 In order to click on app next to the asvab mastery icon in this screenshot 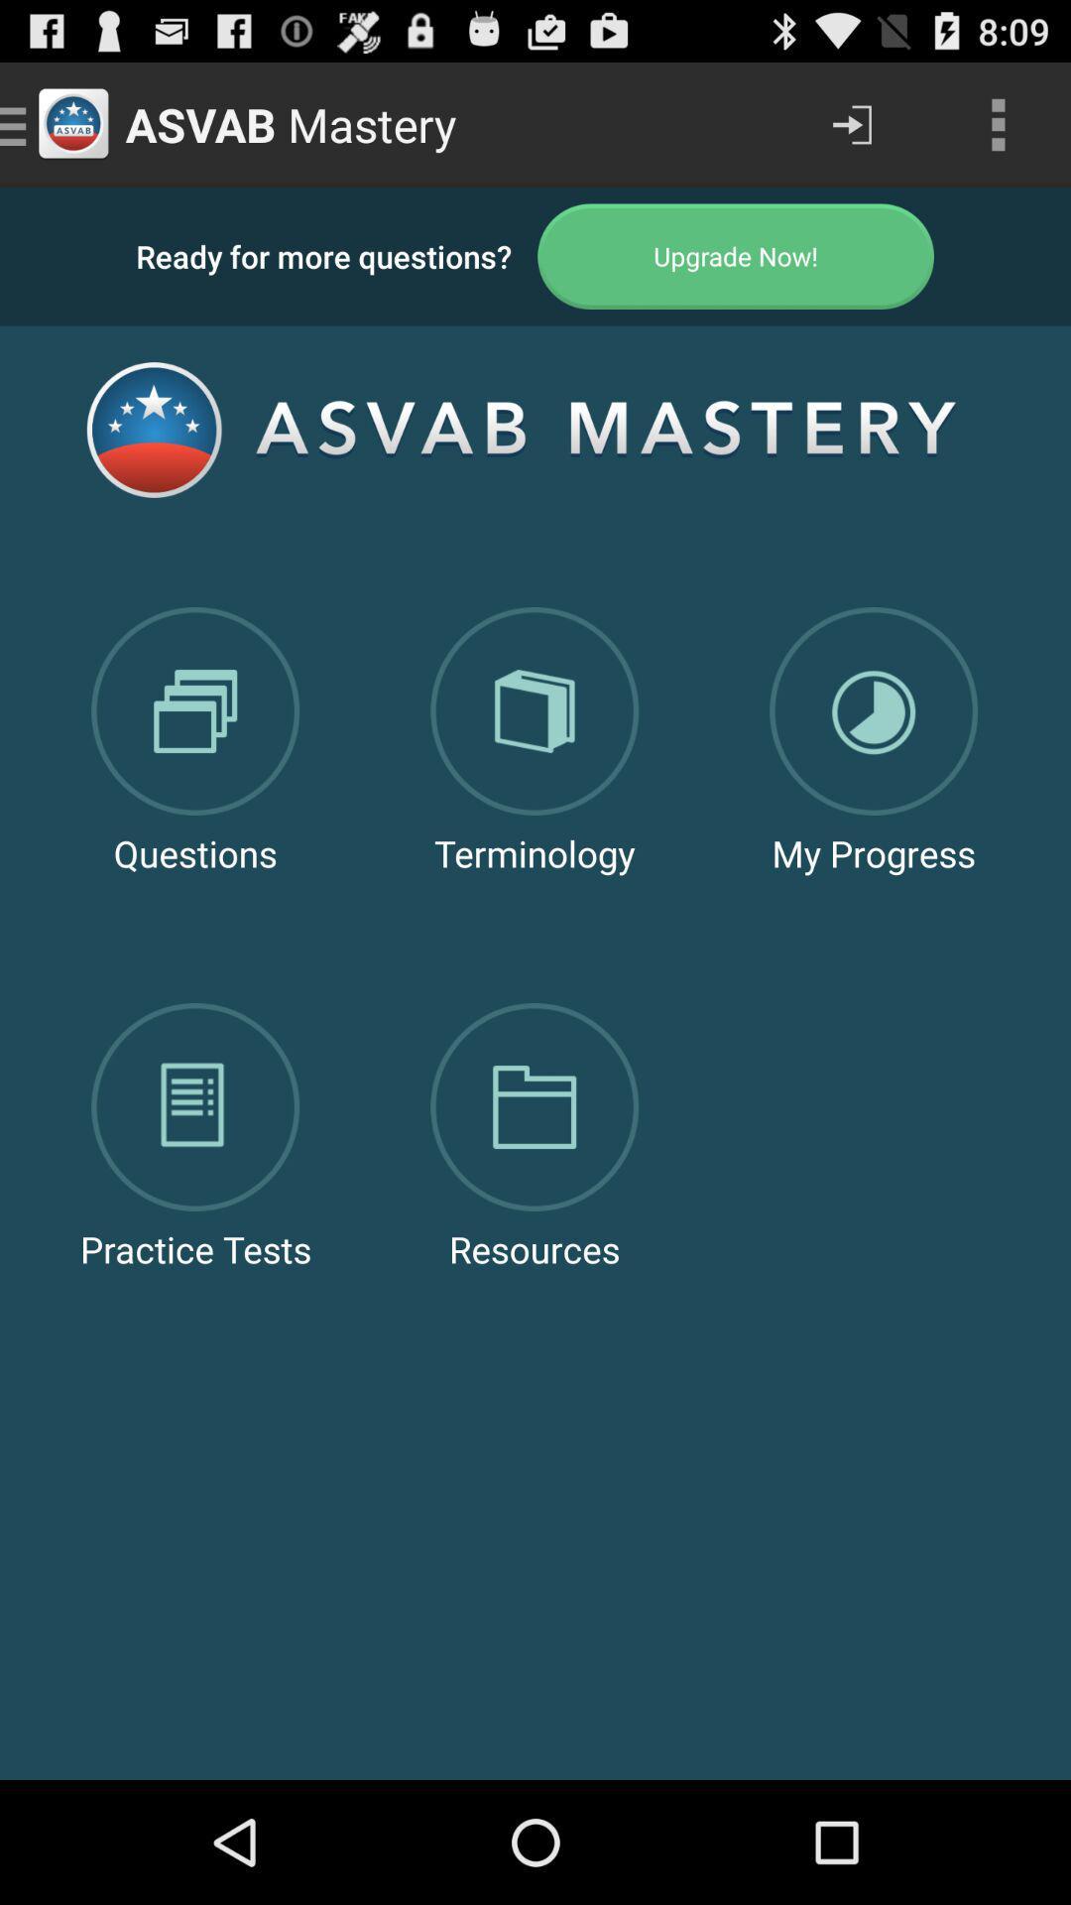, I will do `click(851, 123)`.